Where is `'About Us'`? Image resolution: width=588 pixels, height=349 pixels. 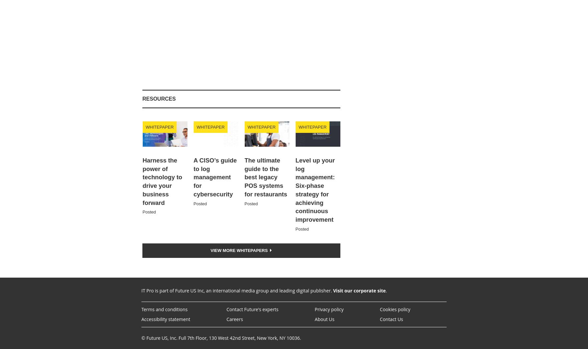 'About Us' is located at coordinates (324, 318).